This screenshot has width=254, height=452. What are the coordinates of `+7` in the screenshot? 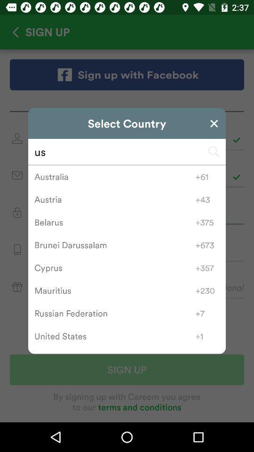 It's located at (207, 313).